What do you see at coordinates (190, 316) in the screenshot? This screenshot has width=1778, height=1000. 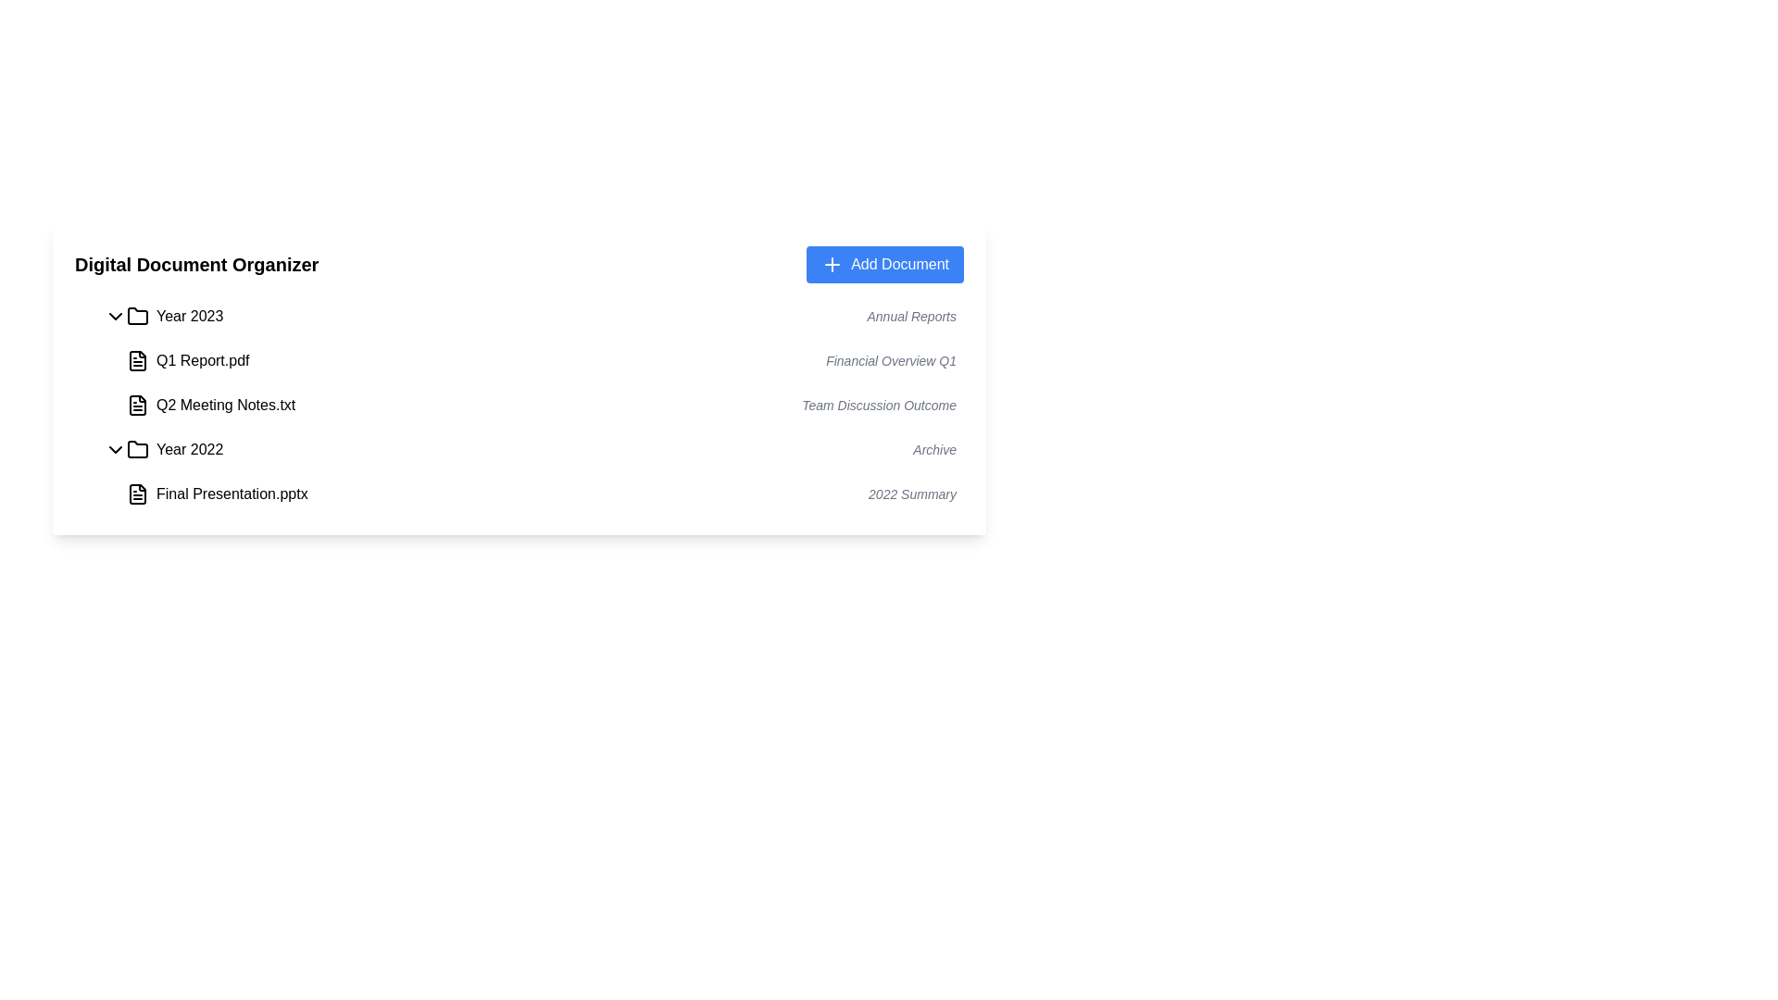 I see `the label displaying 'Year 2023', which is styled with a medium-weight font, black in color, and positioned to the left of a folder icon in a digital document organizer interface` at bounding box center [190, 316].